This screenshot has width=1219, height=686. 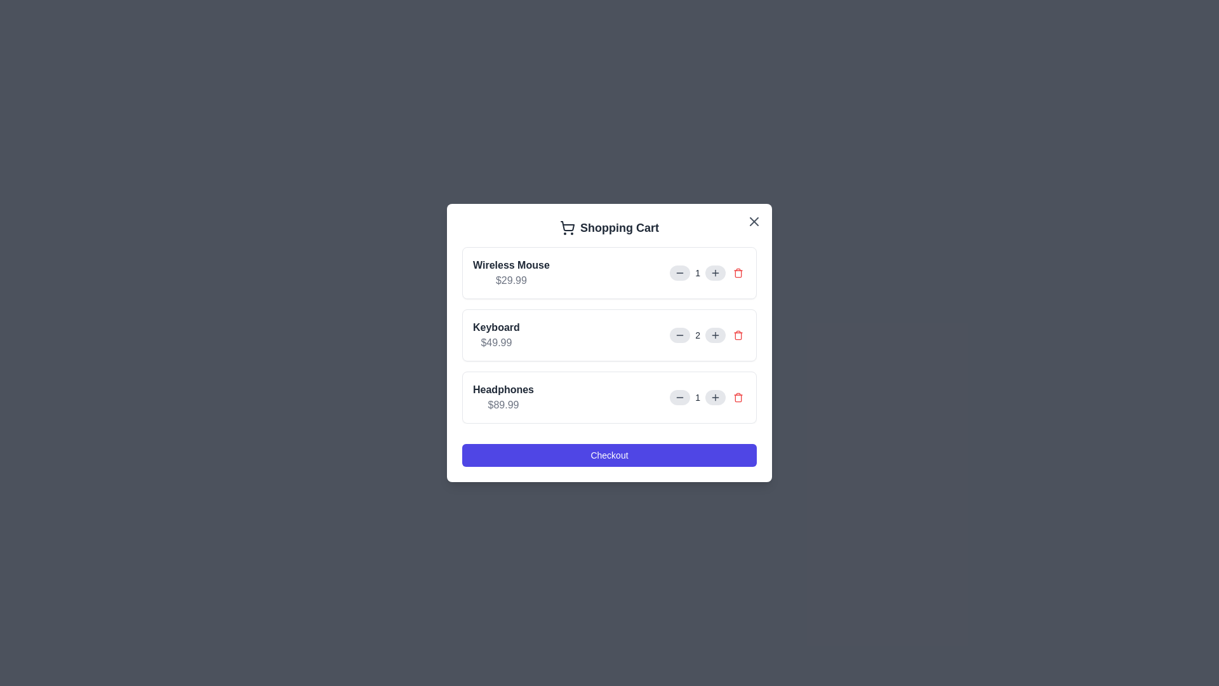 I want to click on the small, round '+' button located in the shopping cart interface, positioned to the left of the delete button and to the right of the quantity indicator, so click(x=716, y=335).